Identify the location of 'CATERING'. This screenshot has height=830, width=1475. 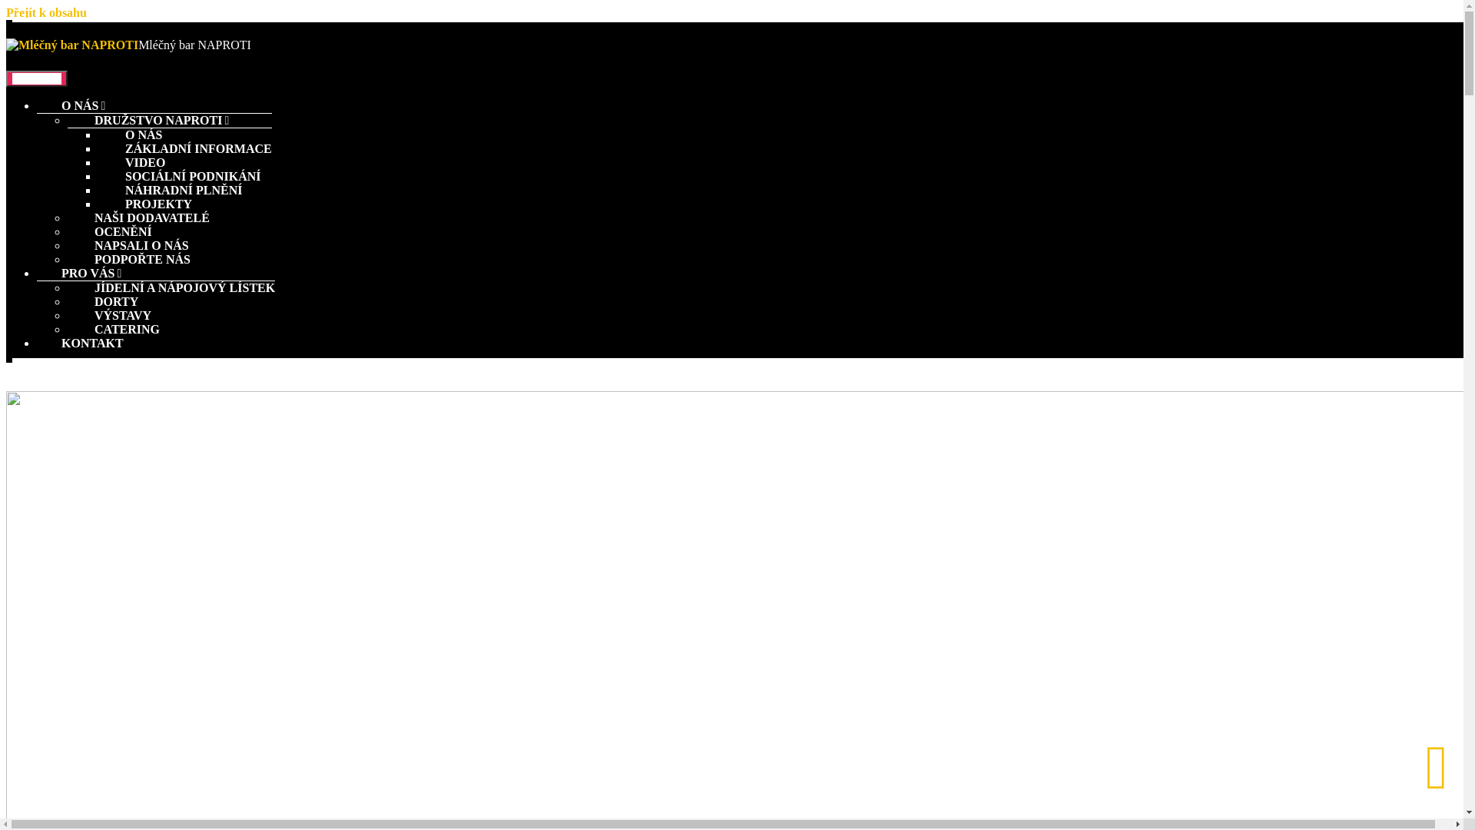
(113, 328).